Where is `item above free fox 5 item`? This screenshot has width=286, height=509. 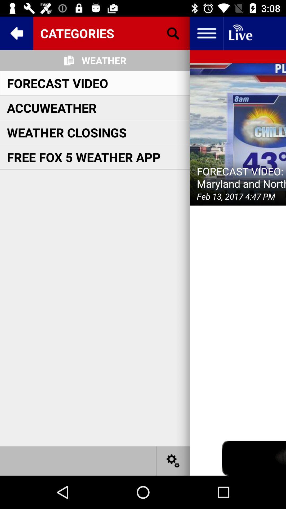 item above free fox 5 item is located at coordinates (66, 132).